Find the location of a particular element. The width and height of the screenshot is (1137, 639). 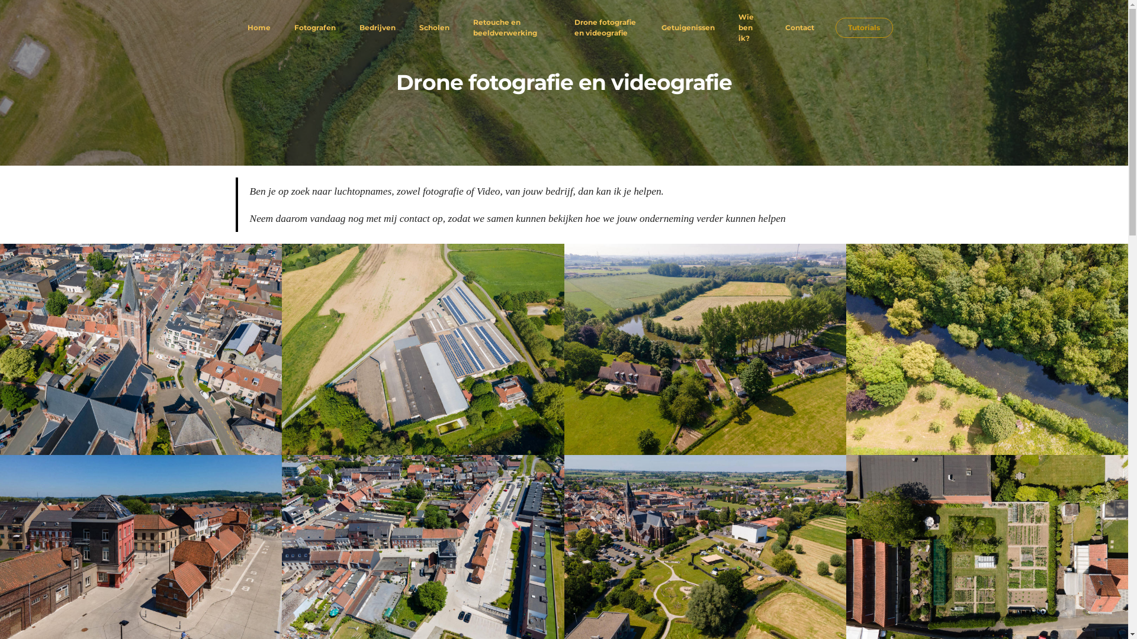

'Tutorials' is located at coordinates (864, 27).